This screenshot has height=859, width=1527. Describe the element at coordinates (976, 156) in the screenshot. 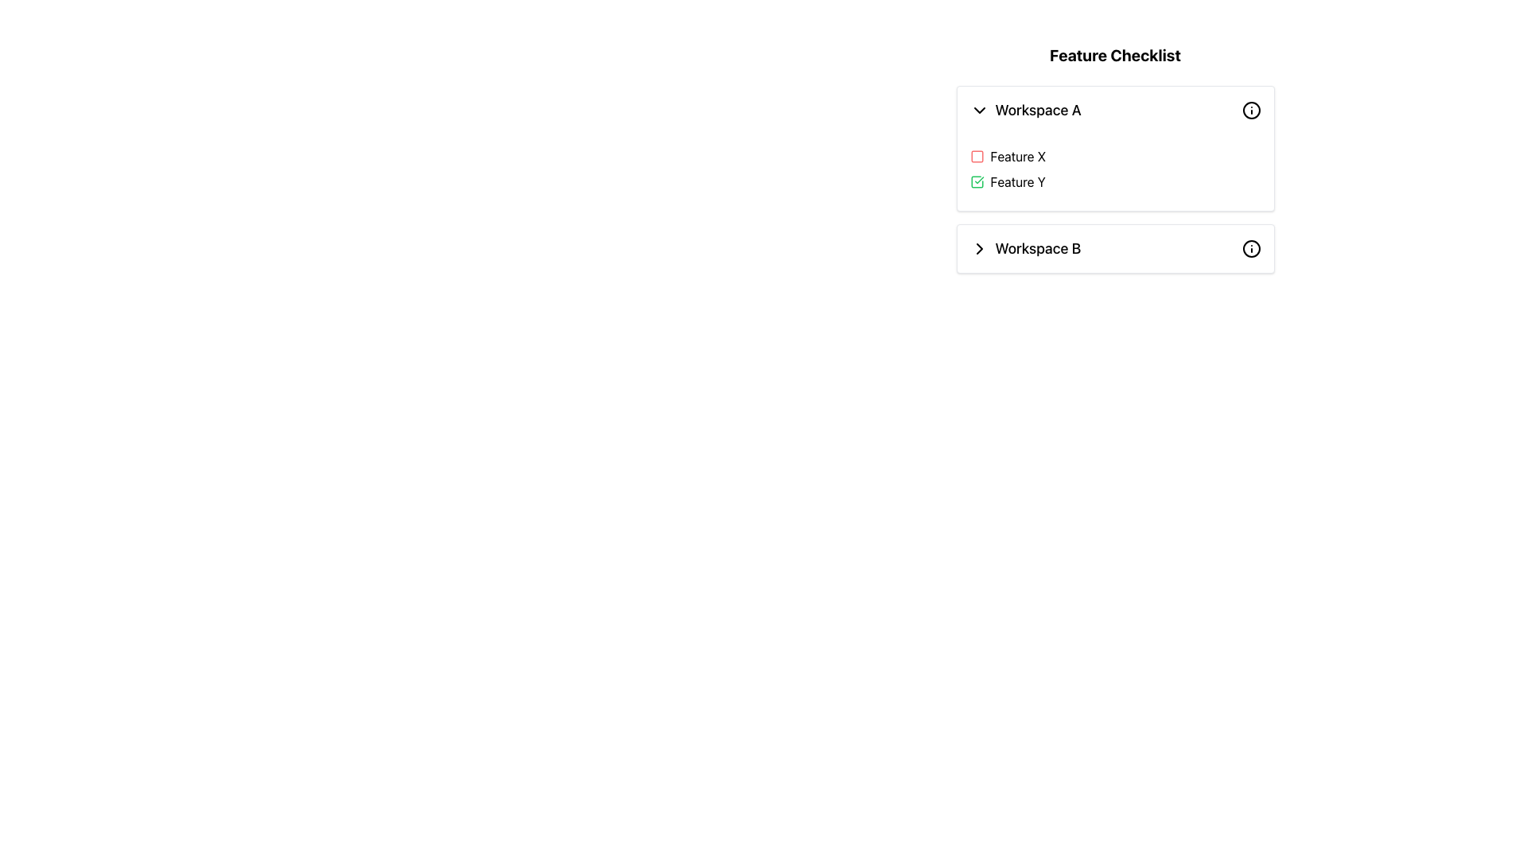

I see `the status indicator next to 'Feature X' in 'Workspace A' of the 'Feature Checklist'` at that location.